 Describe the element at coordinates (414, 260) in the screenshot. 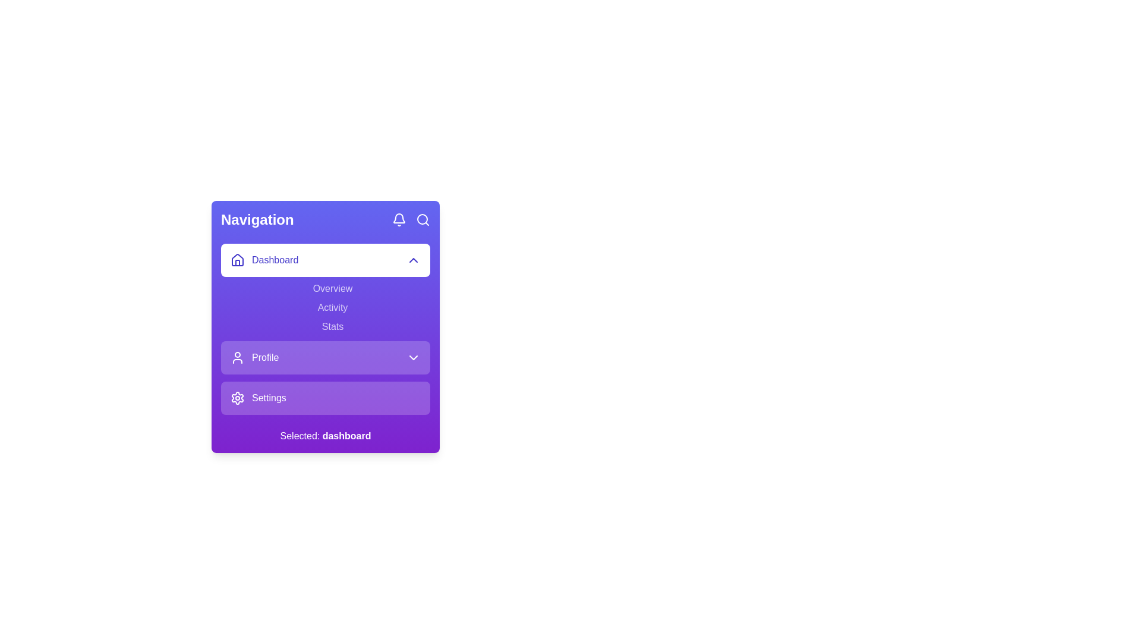

I see `the Chevron-Up Icon located at the top right corner of the 'Dashboard' section` at that location.